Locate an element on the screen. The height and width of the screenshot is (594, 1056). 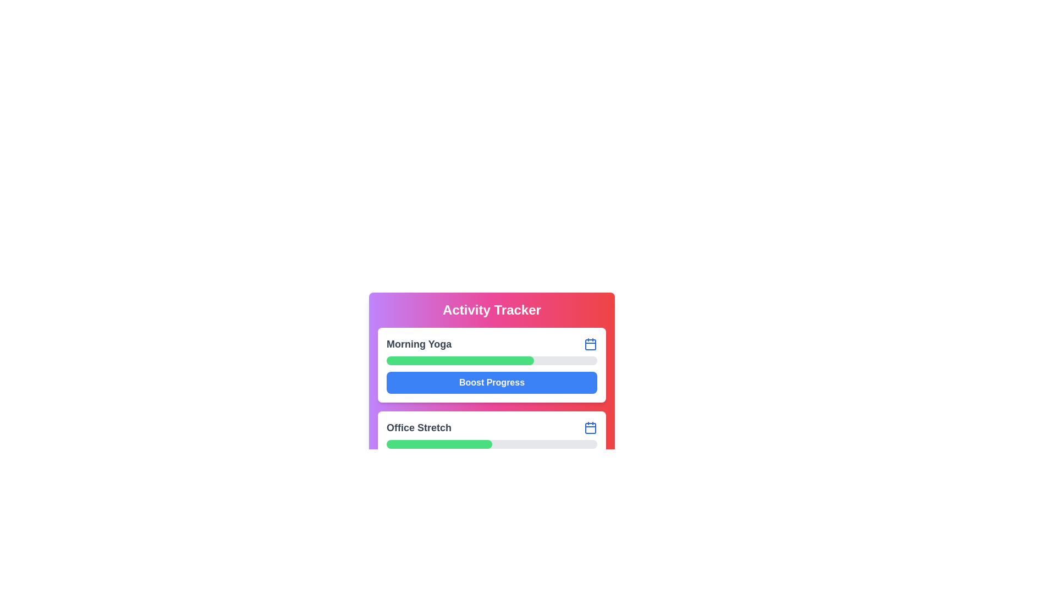
the progress bar representing 50% completion of the 'Office Stretch' activity, located below the title and above the 'Boost Progress' button is located at coordinates (491, 443).